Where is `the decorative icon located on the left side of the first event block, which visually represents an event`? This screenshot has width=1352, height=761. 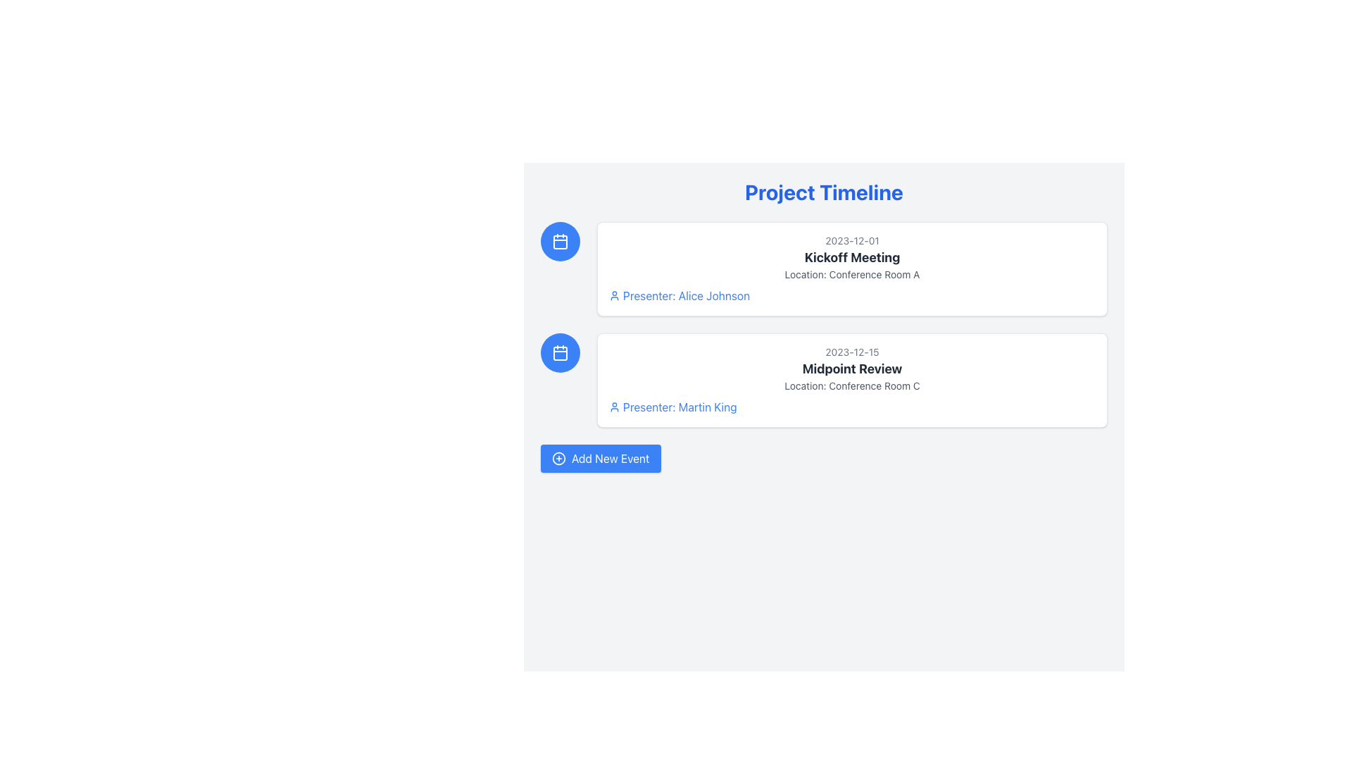
the decorative icon located on the left side of the first event block, which visually represents an event is located at coordinates (560, 241).